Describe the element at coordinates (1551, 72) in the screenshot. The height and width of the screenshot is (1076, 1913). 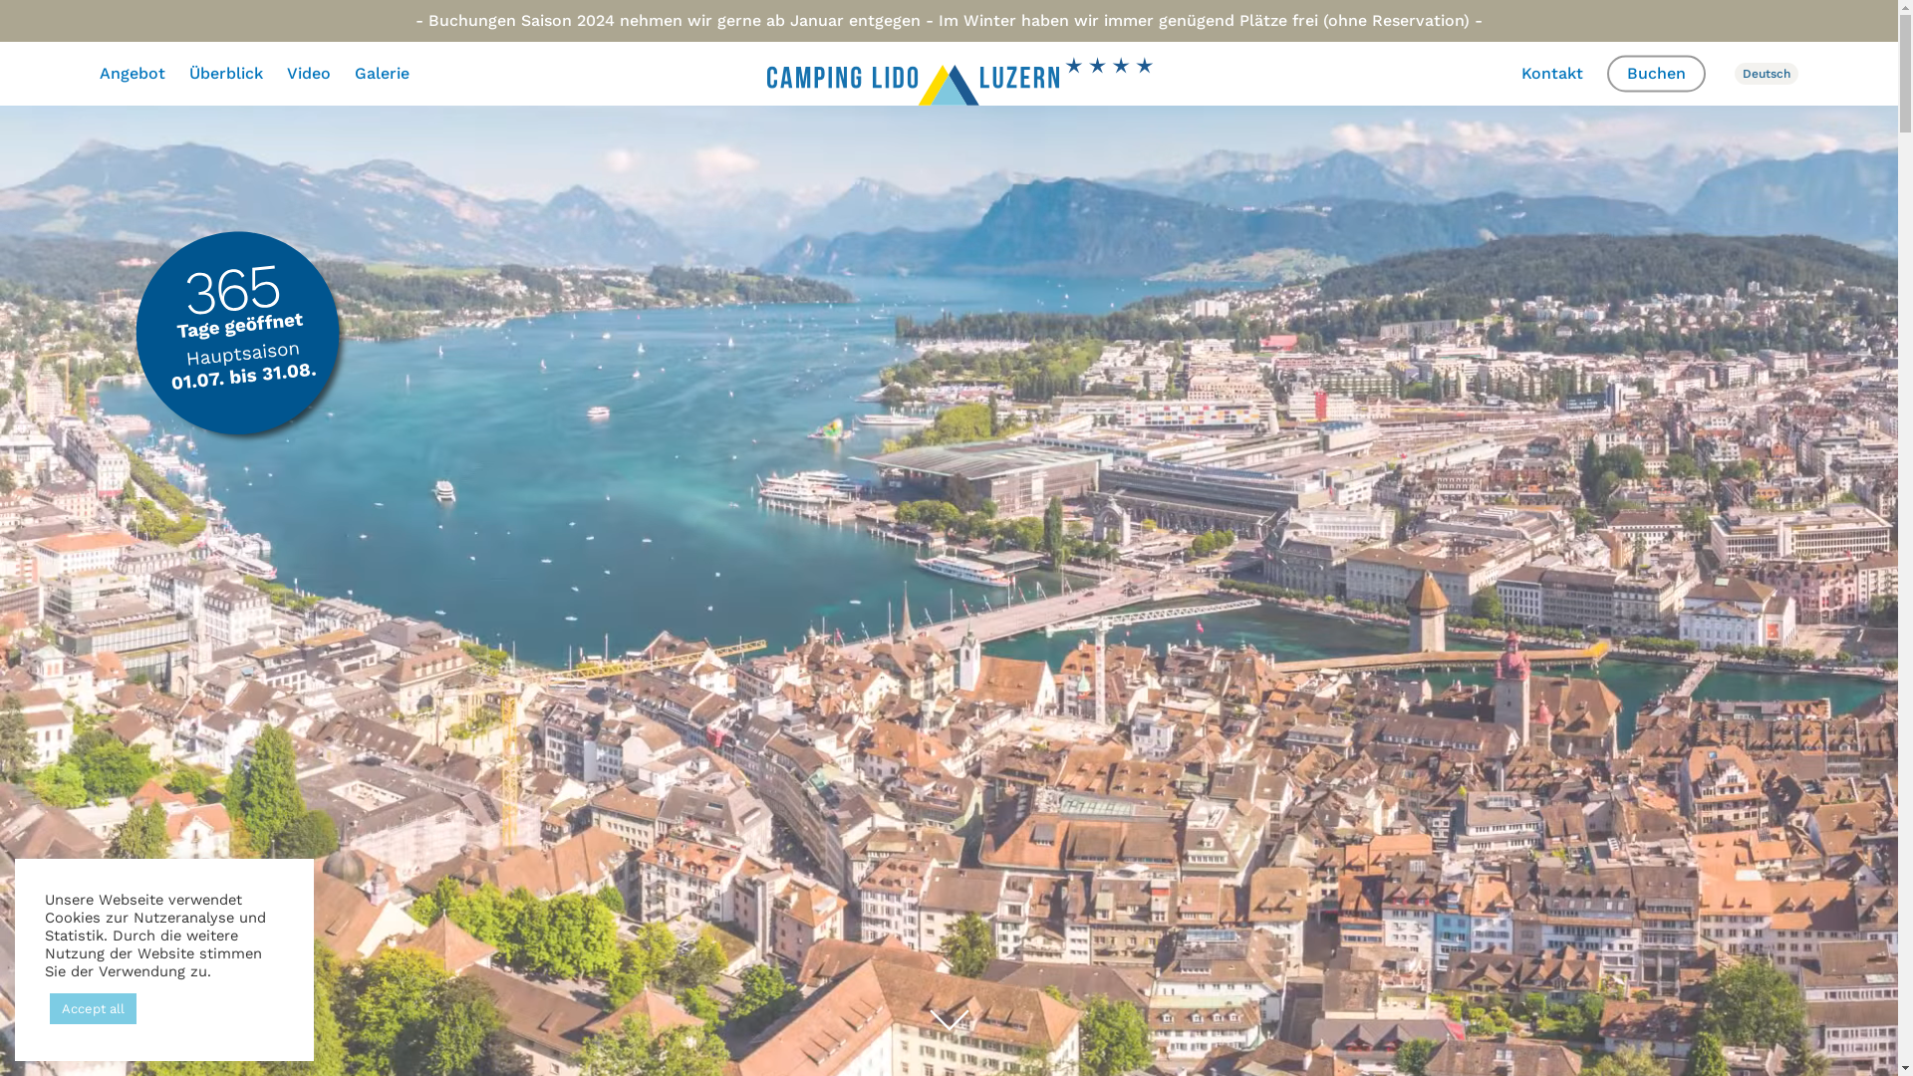
I see `'Kontakt'` at that location.